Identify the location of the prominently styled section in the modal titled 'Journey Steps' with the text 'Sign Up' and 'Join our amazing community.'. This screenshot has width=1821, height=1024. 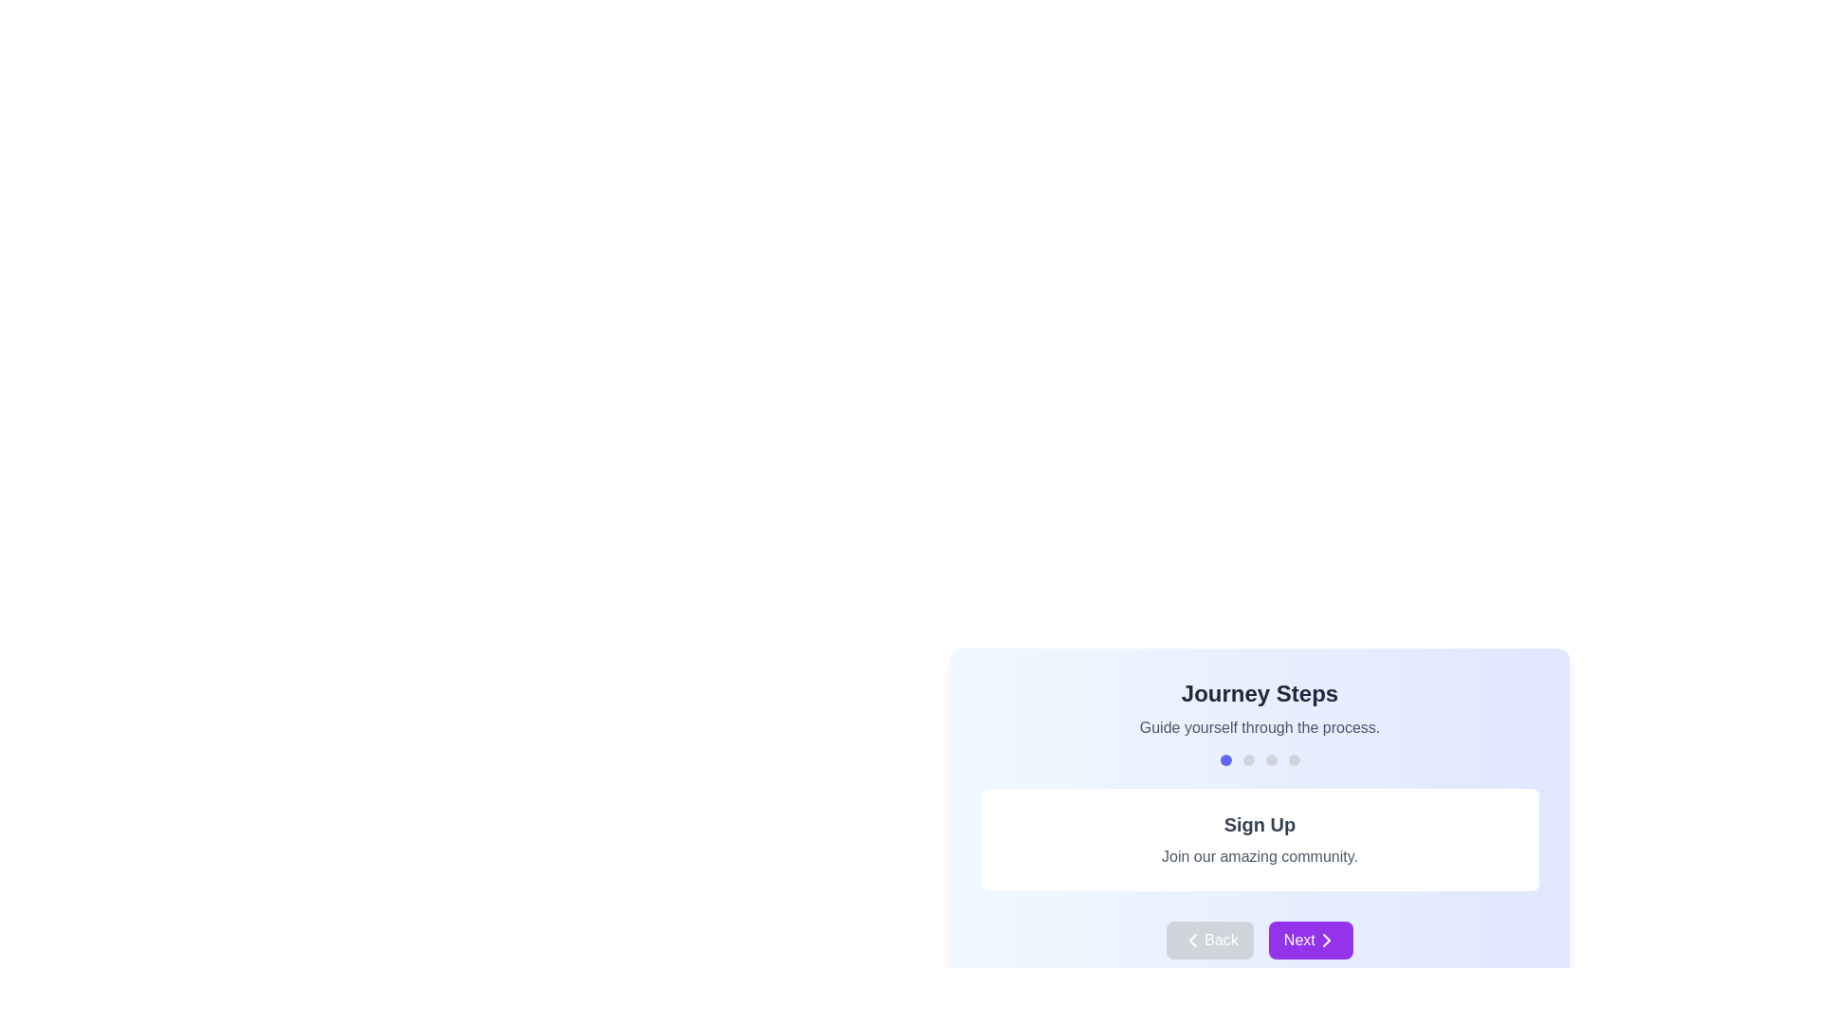
(1260, 818).